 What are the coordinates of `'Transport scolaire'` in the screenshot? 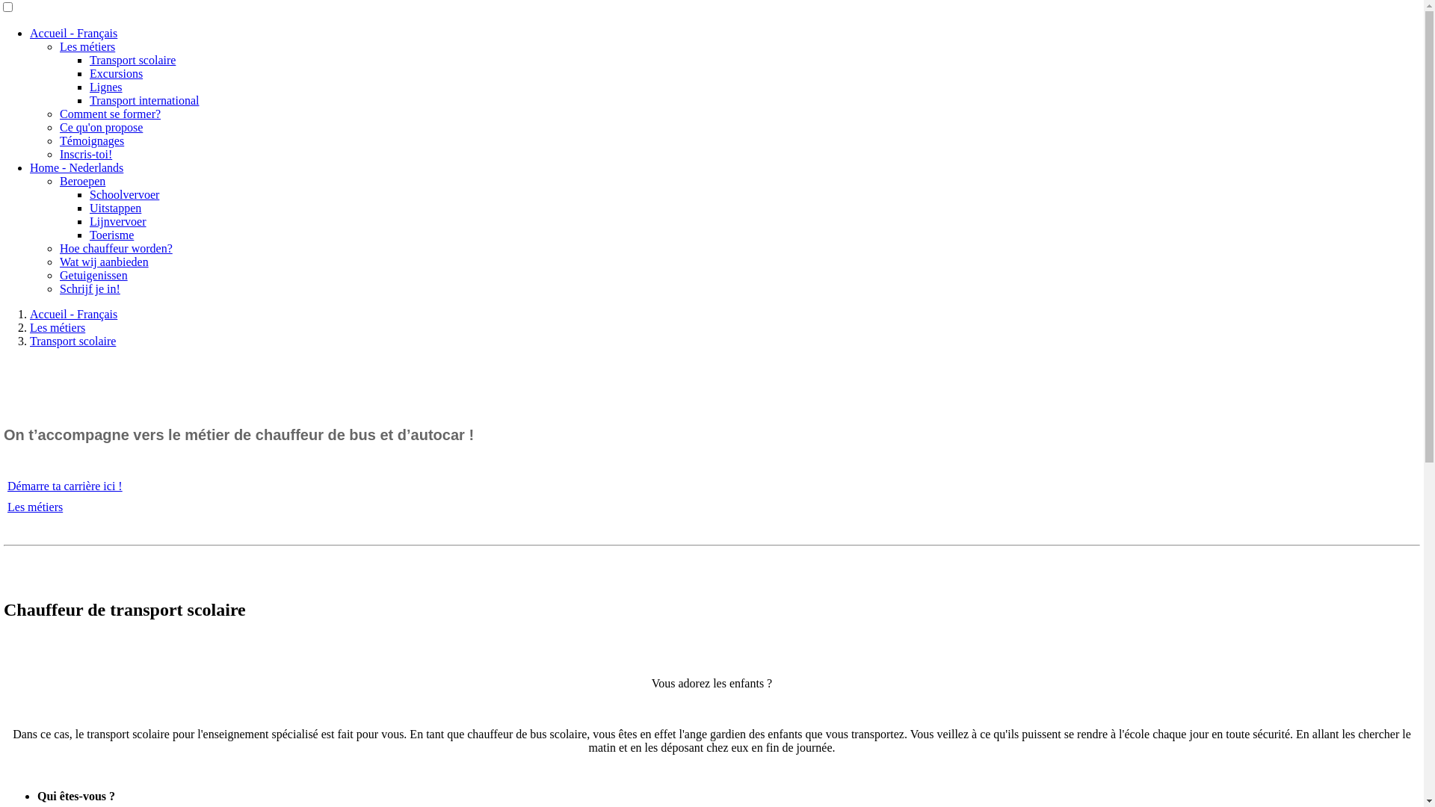 It's located at (132, 59).